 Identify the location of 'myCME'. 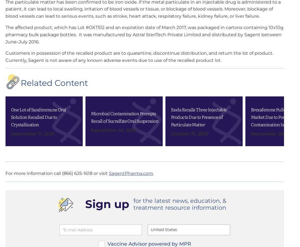
(206, 141).